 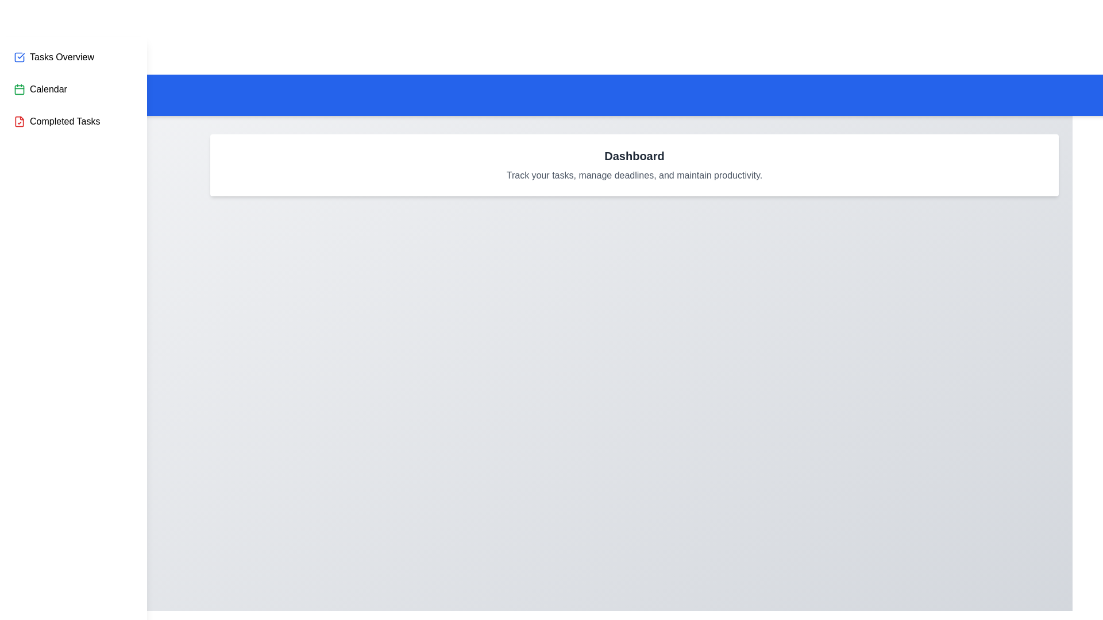 I want to click on the green 'Calendar' button with a calendar icon, which is positioned between the 'Tasks Overview' and 'Completed Tasks' buttons to trigger its hover effect, so click(x=40, y=88).